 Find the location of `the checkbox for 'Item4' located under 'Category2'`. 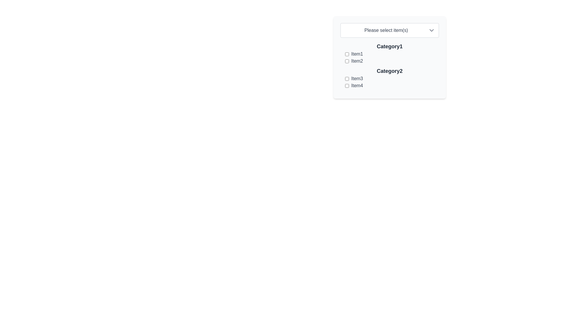

the checkbox for 'Item4' located under 'Category2' is located at coordinates (392, 86).